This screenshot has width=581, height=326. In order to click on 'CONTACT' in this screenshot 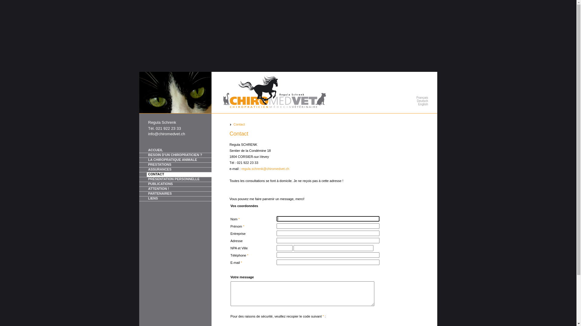, I will do `click(175, 174)`.